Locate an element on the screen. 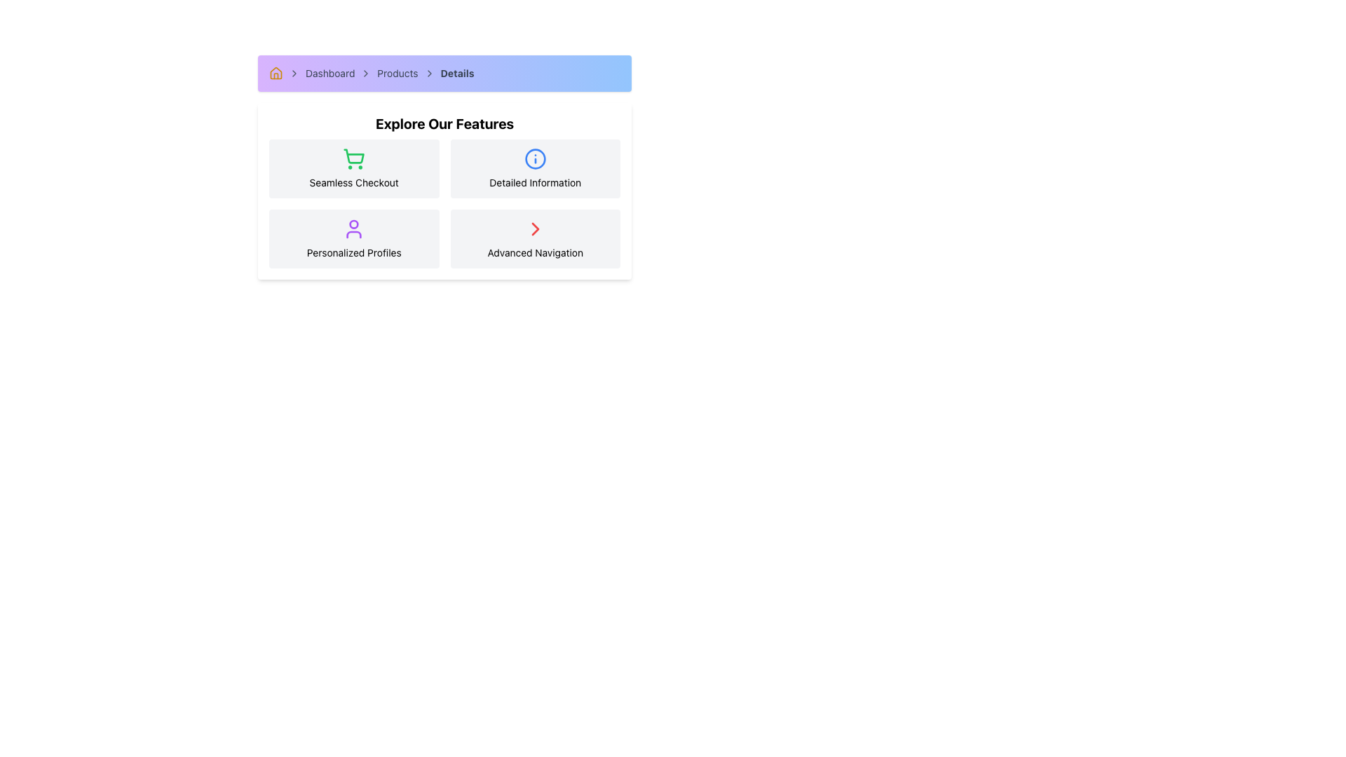 The height and width of the screenshot is (757, 1346). the 'Detailed Information' text label located under the information icon in the second column of the 'Explore Our Features' section is located at coordinates (534, 182).